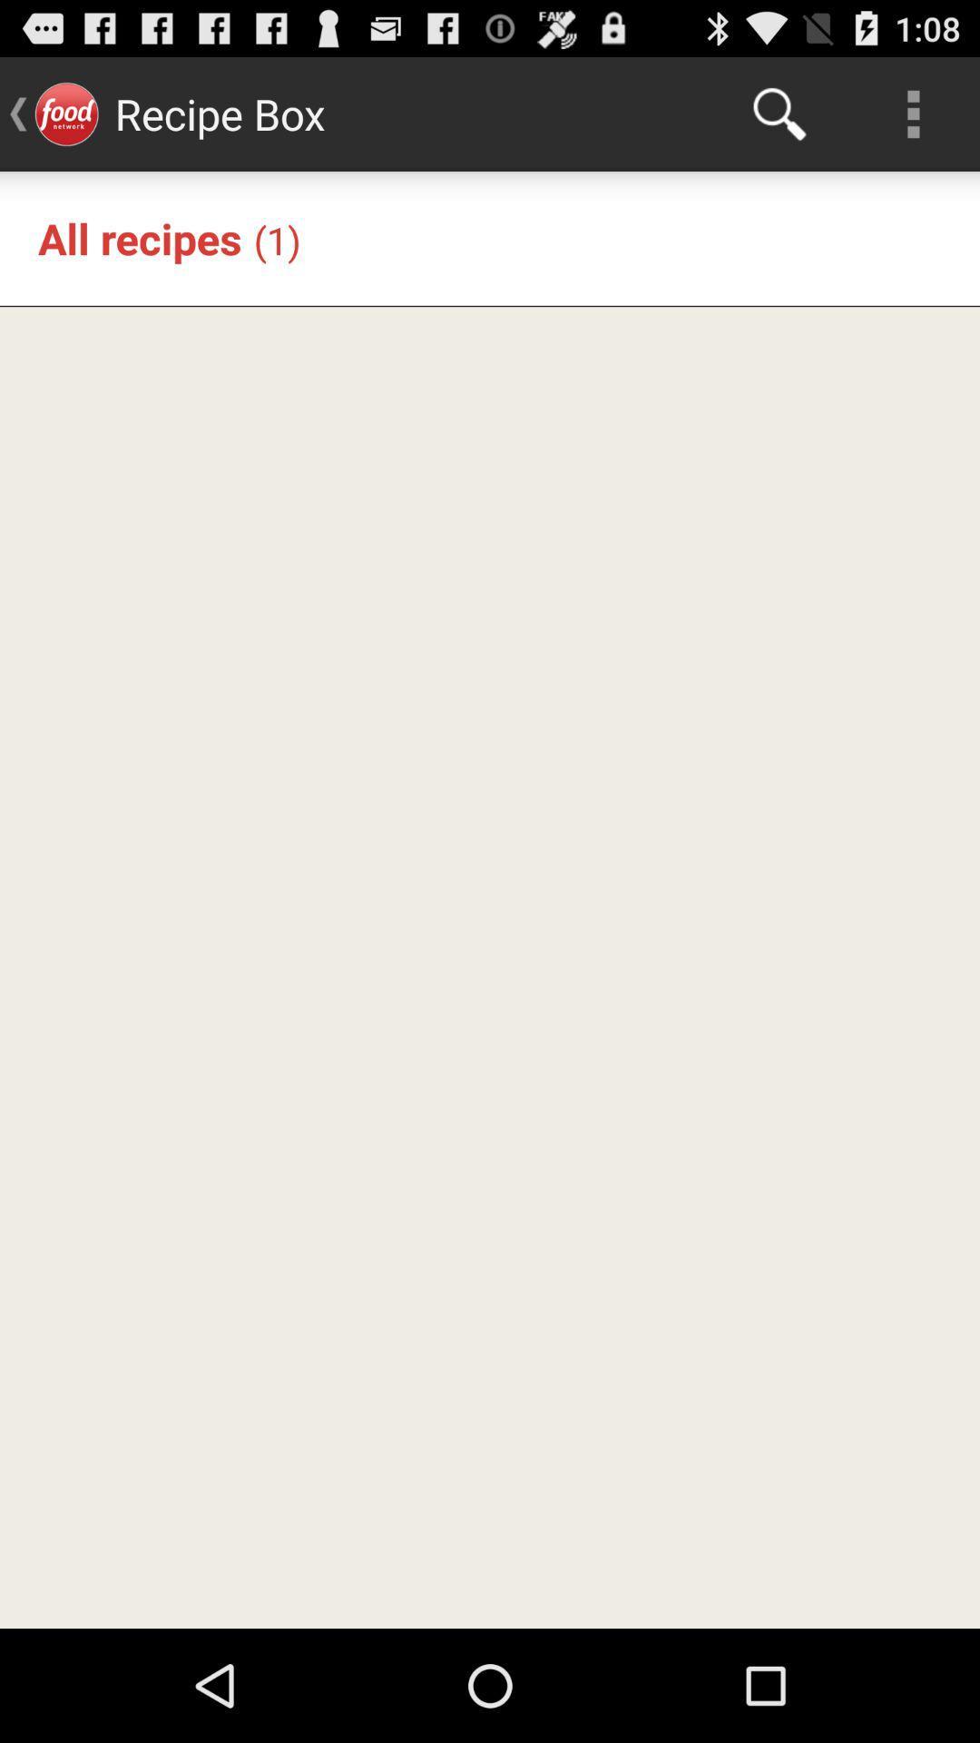  Describe the element at coordinates (139, 237) in the screenshot. I see `the all recipes` at that location.